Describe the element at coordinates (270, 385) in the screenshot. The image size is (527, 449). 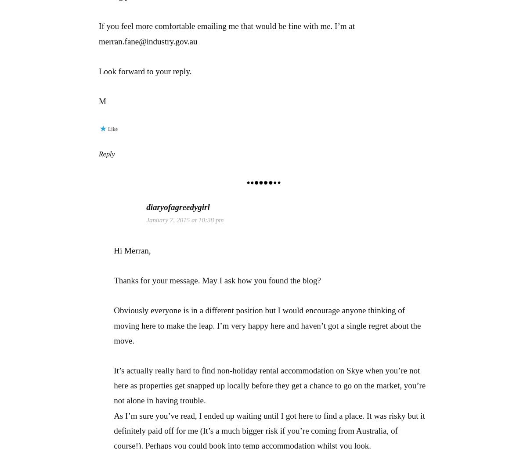
I see `'It’s actually really hard to find non-holiday rental accommodation on Skye when you’re not here as properties get snapped up locally before they get a chance to go on the market, you’re not alone in having trouble.'` at that location.